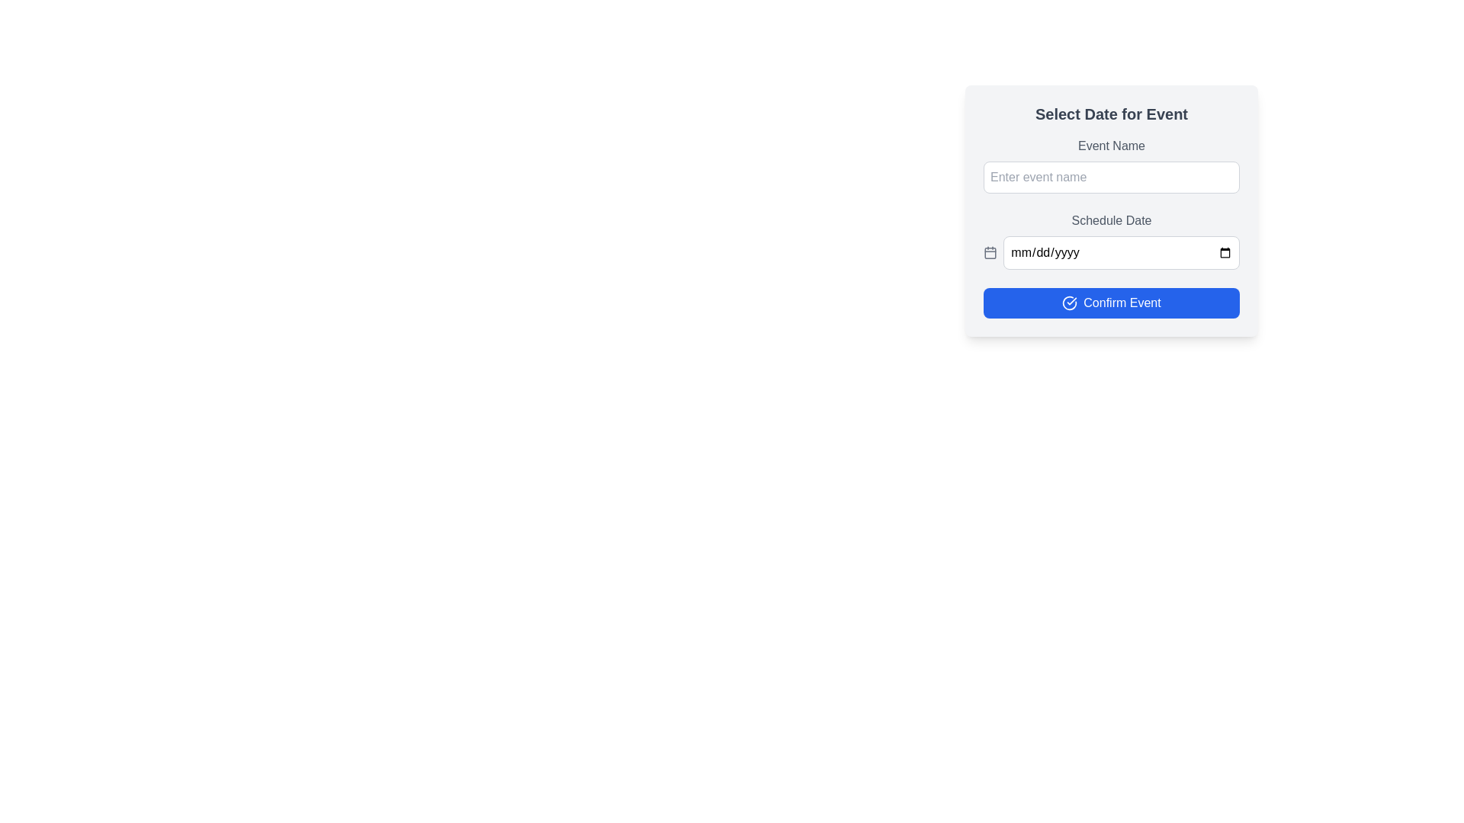 The image size is (1464, 823). What do you see at coordinates (990, 252) in the screenshot?
I see `the calendar icon located to the left of the 'Schedule Date' text input field, which is a square icon with rounded corners and a monochromatic design` at bounding box center [990, 252].